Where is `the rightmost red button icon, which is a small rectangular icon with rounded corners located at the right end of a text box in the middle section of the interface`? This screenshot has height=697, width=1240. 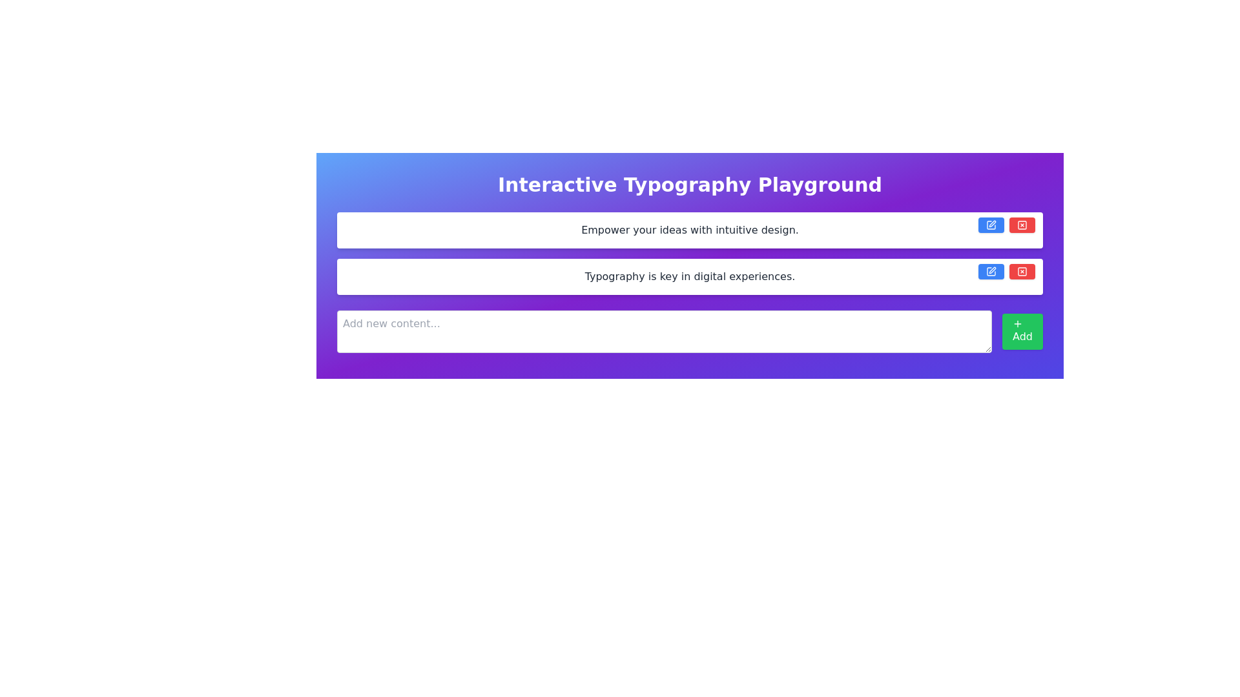 the rightmost red button icon, which is a small rectangular icon with rounded corners located at the right end of a text box in the middle section of the interface is located at coordinates (1022, 270).